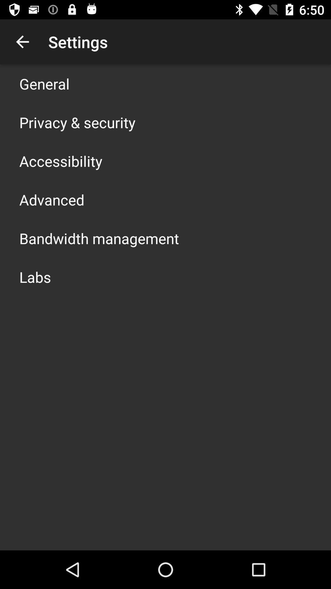 This screenshot has height=589, width=331. Describe the element at coordinates (35, 276) in the screenshot. I see `the item below the bandwidth management item` at that location.